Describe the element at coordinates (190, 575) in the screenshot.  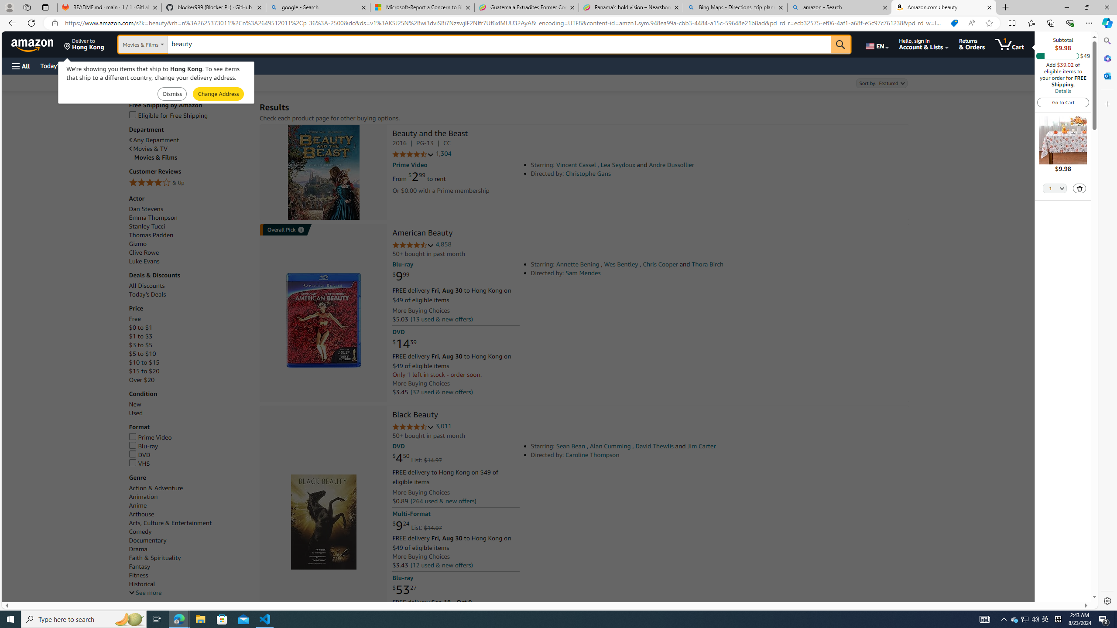
I see `'Fitness'` at that location.